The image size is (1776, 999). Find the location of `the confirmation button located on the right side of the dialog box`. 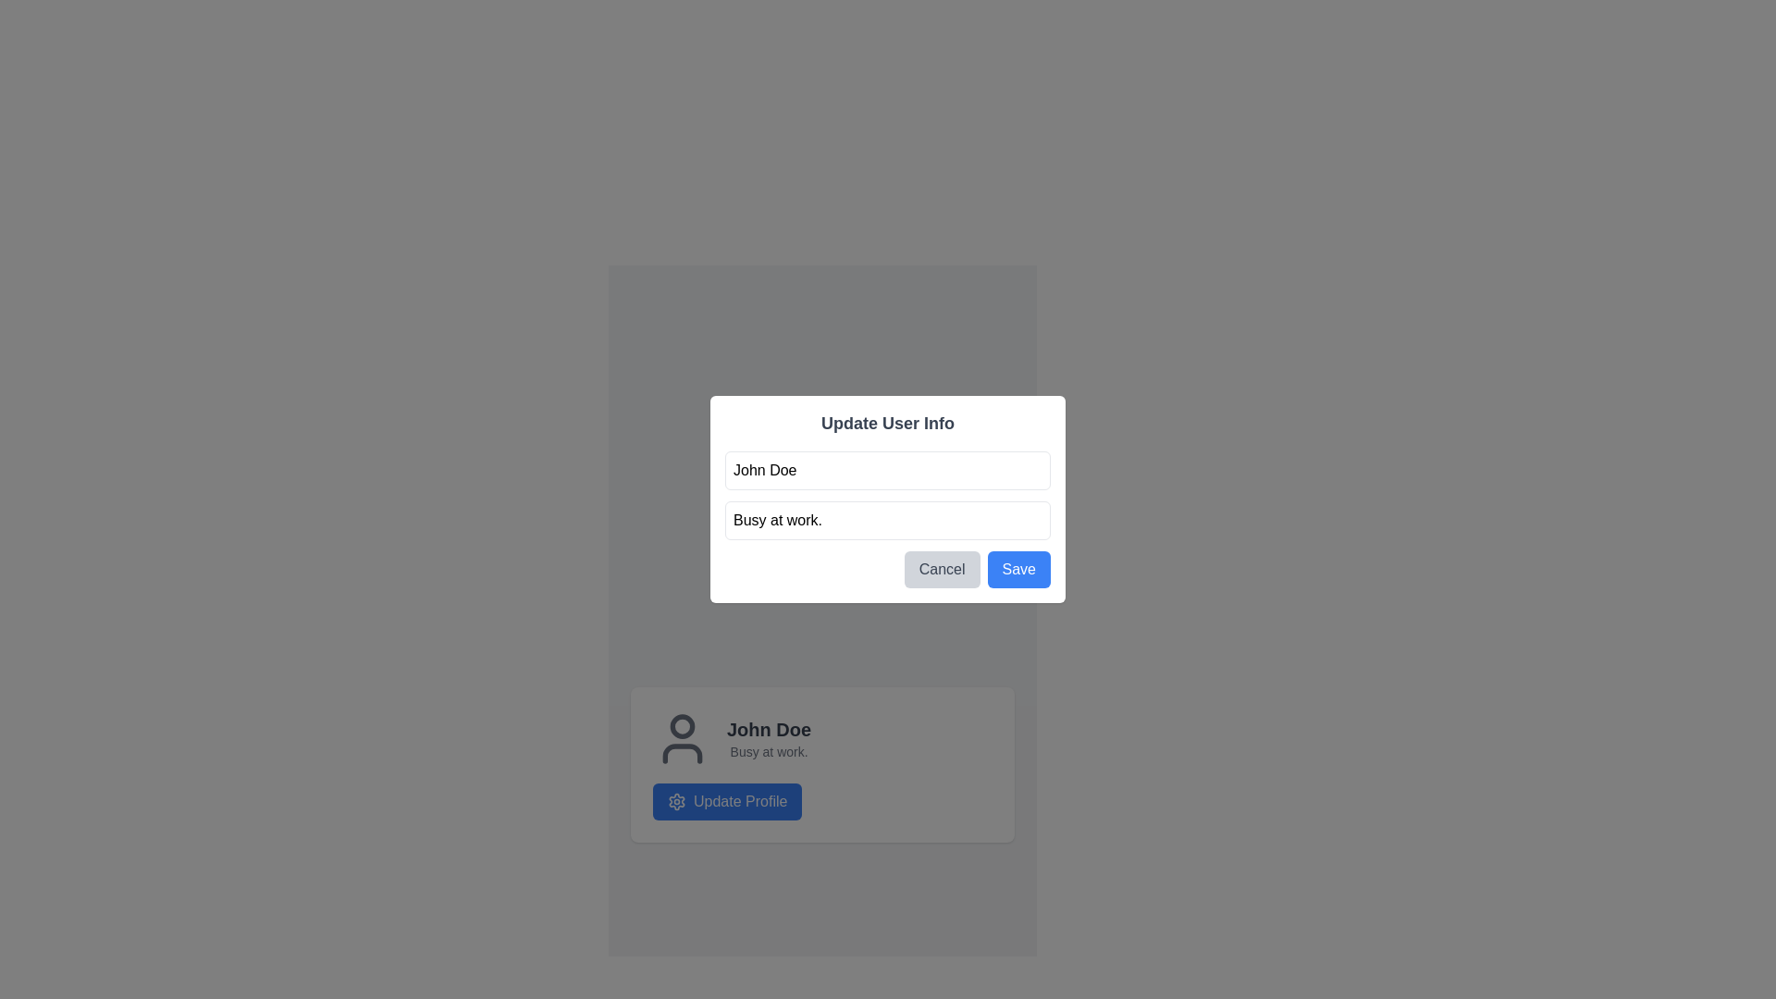

the confirmation button located on the right side of the dialog box is located at coordinates (1017, 569).